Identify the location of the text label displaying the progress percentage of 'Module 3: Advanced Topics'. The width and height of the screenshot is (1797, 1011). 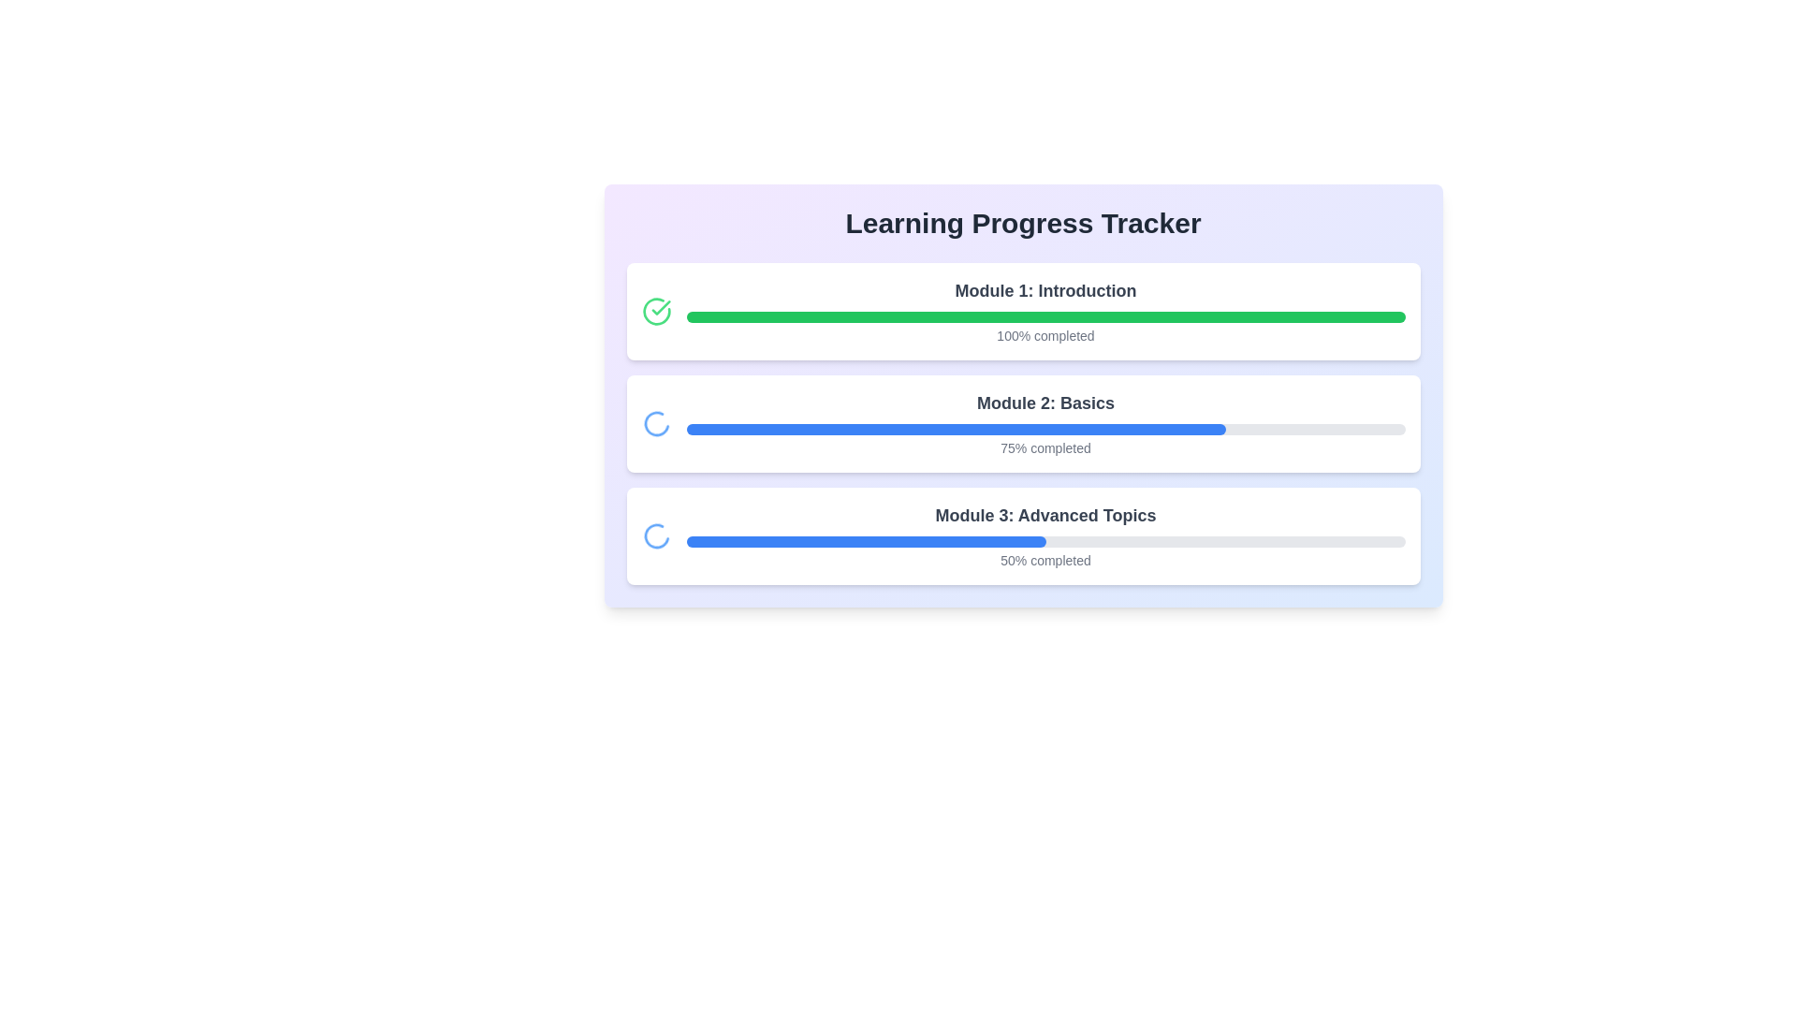
(1045, 559).